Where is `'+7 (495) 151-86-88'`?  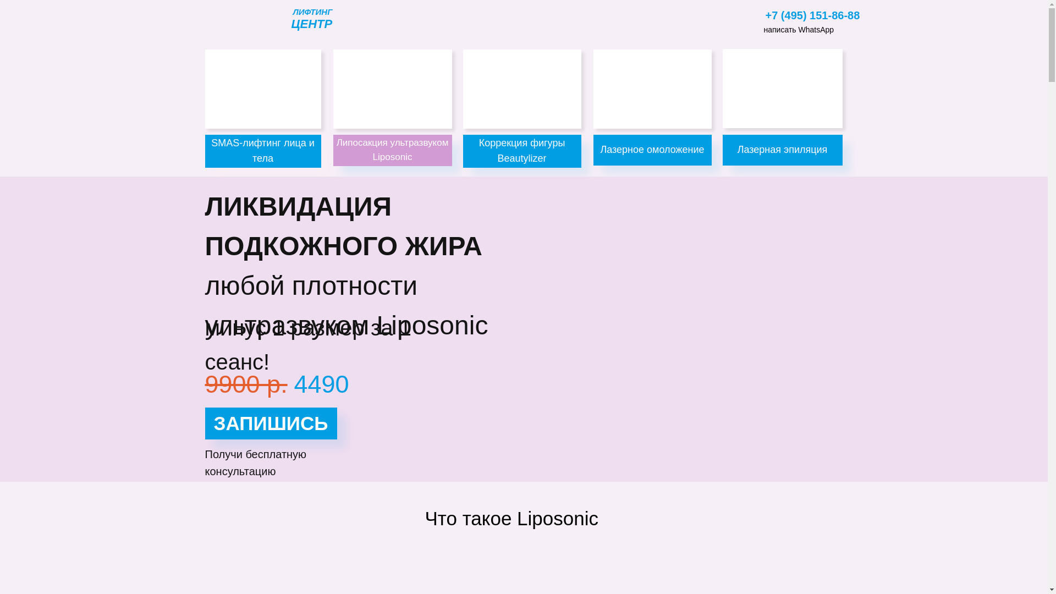 '+7 (495) 151-86-88' is located at coordinates (765, 15).